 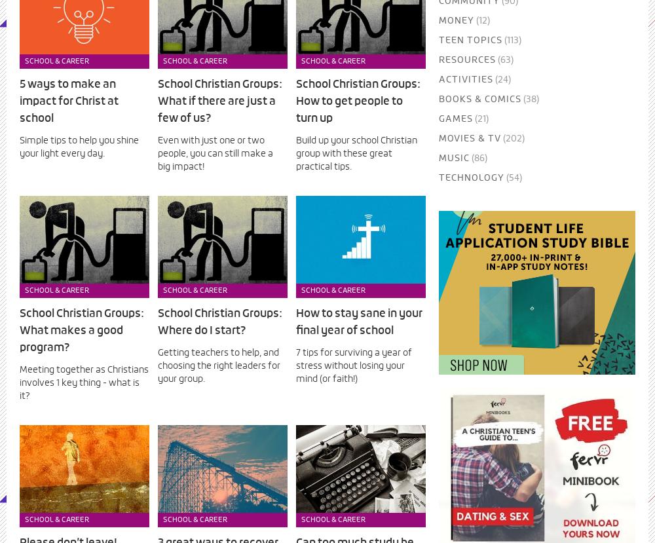 What do you see at coordinates (481, 20) in the screenshot?
I see `'(12)'` at bounding box center [481, 20].